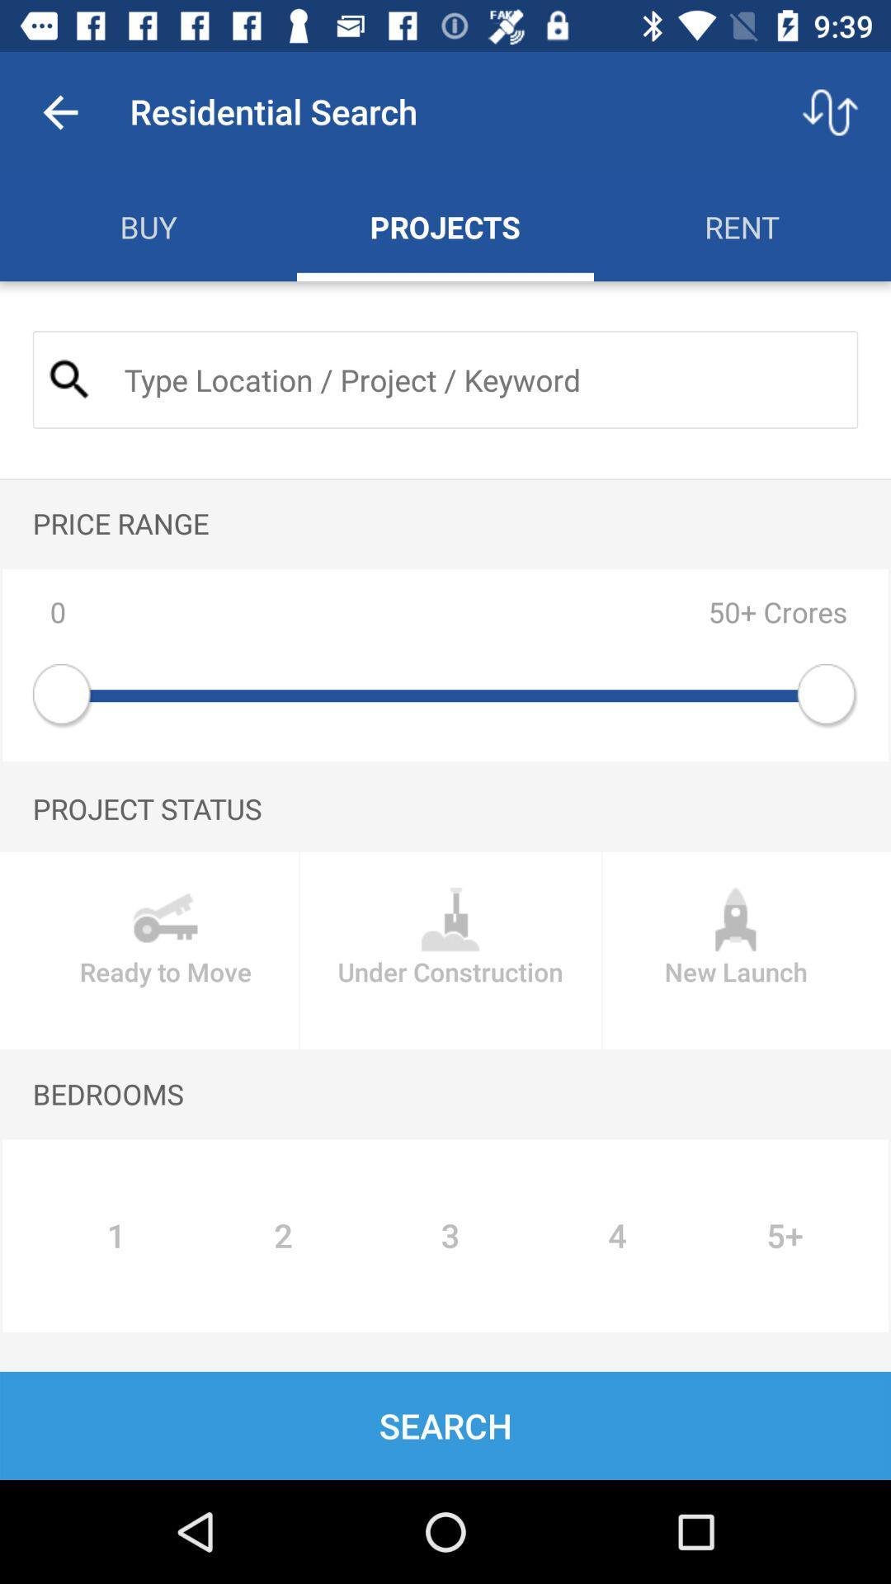  Describe the element at coordinates (477, 379) in the screenshot. I see `location/project/keyword to search` at that location.